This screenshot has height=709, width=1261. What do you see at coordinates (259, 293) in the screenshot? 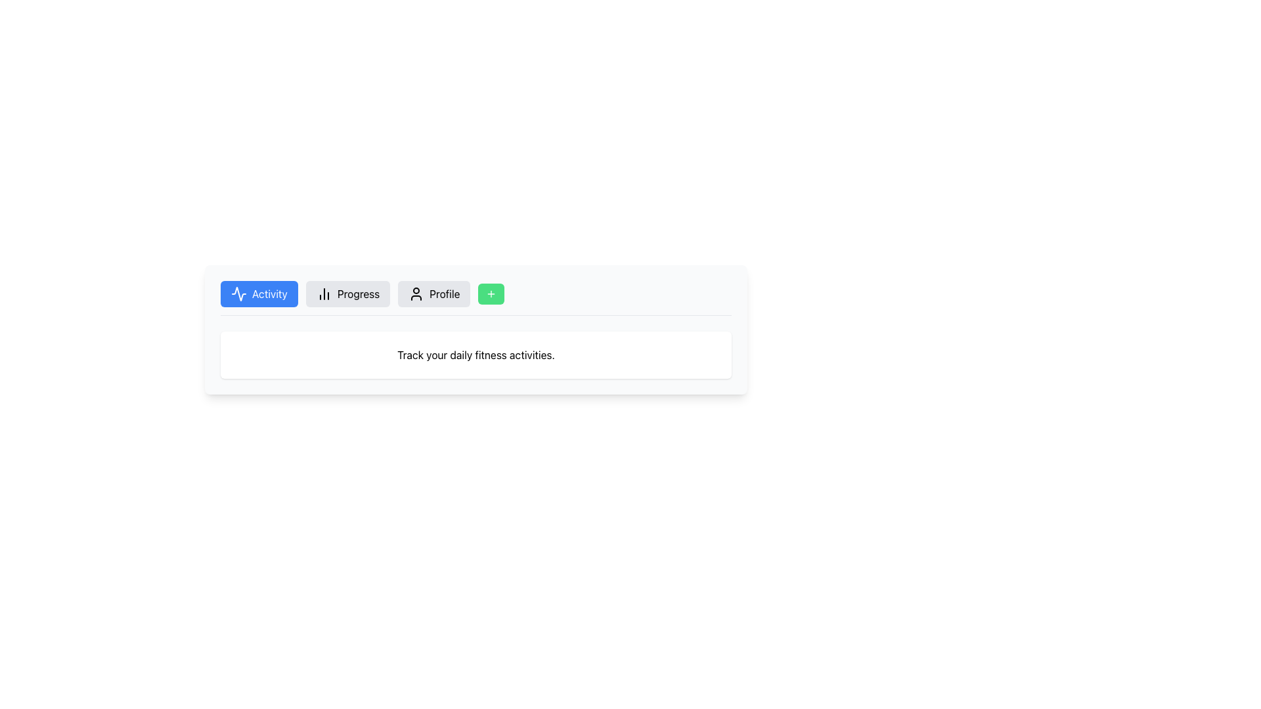
I see `the first navigation button on the left` at bounding box center [259, 293].